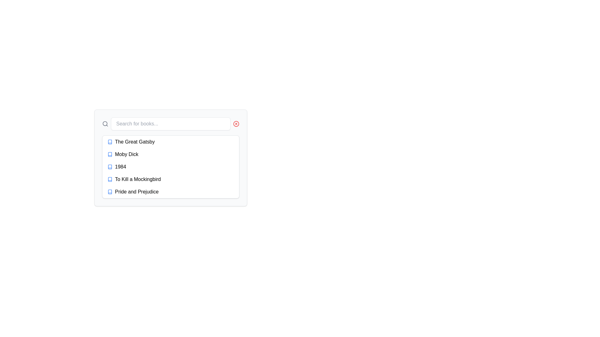 This screenshot has width=600, height=337. Describe the element at coordinates (110, 167) in the screenshot. I see `the illustrative icon representing the book '1984'` at that location.